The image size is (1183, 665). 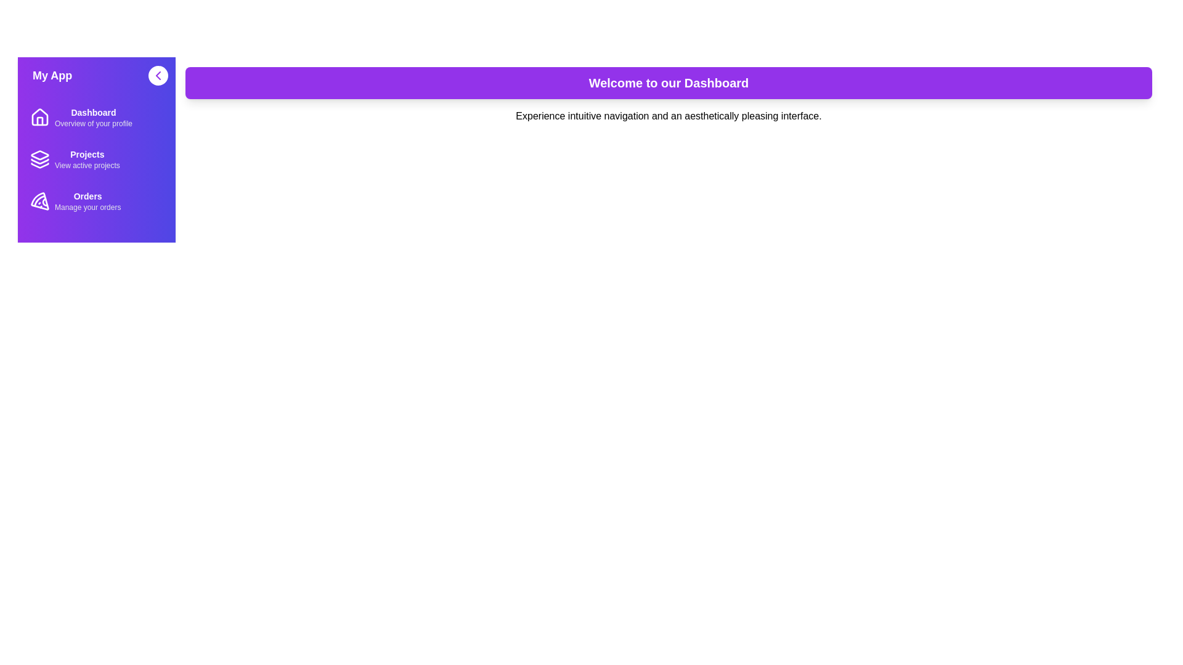 I want to click on the 'Orders' menu item to navigate, so click(x=96, y=201).